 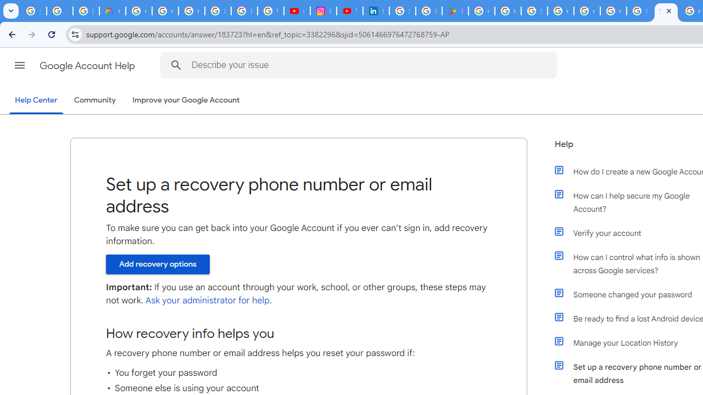 I want to click on 'Privacy Help Center - Policies Help', so click(x=243, y=11).